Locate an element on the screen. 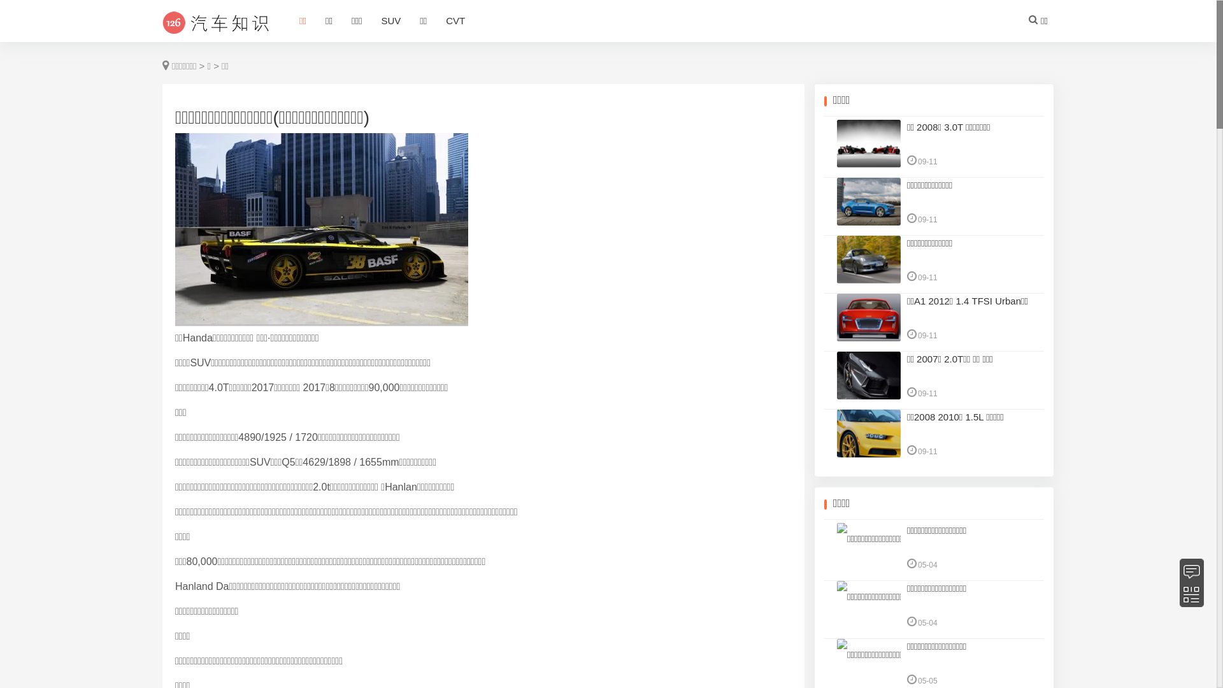 The image size is (1223, 688). 'SUV' is located at coordinates (390, 22).